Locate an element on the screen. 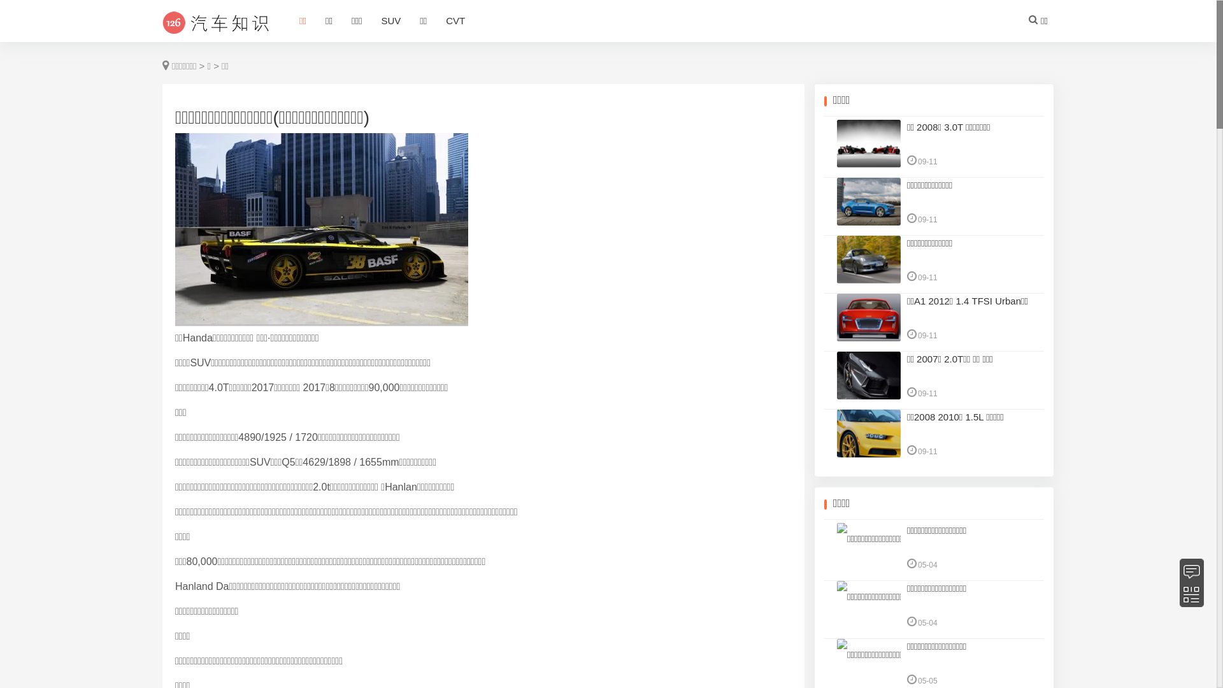 The image size is (1223, 688). 'SUV' is located at coordinates (390, 22).